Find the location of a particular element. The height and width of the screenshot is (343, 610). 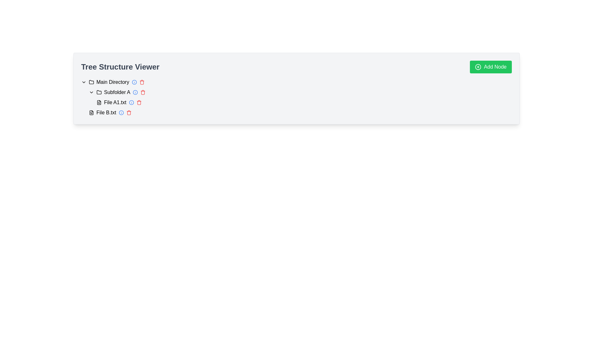

the static text label reading 'Subfolder A' located under the 'Main Directory' node in the tree-structured viewer interface is located at coordinates (117, 92).